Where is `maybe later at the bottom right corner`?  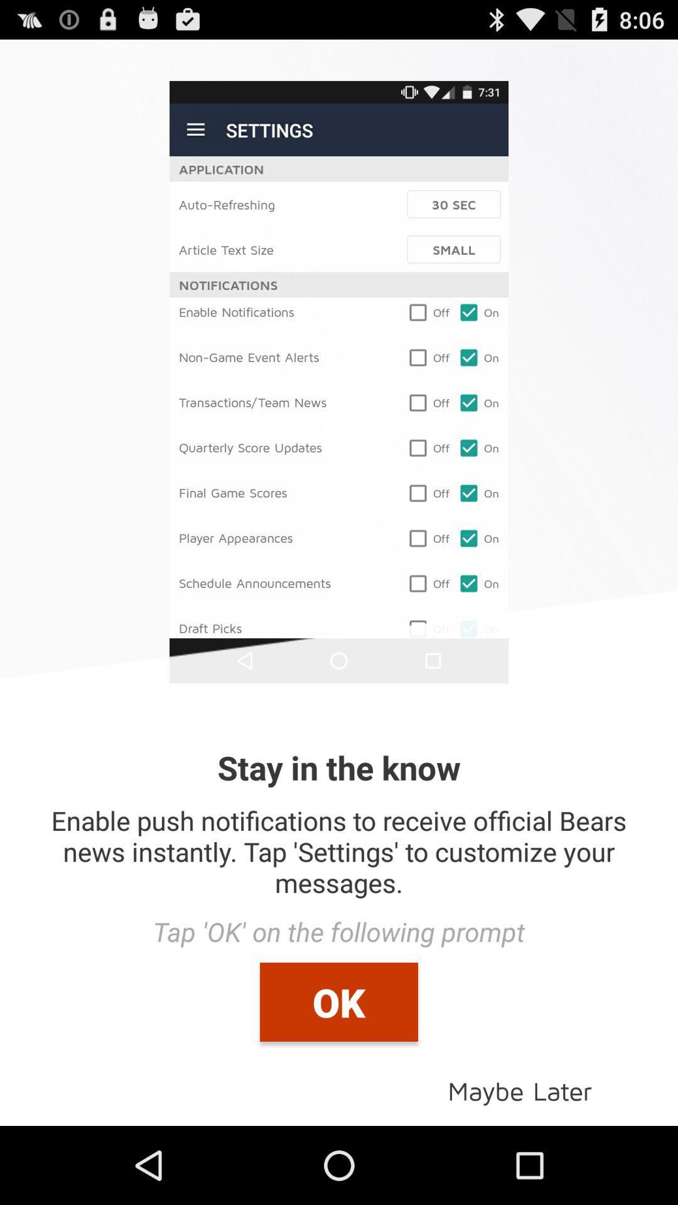
maybe later at the bottom right corner is located at coordinates (520, 1090).